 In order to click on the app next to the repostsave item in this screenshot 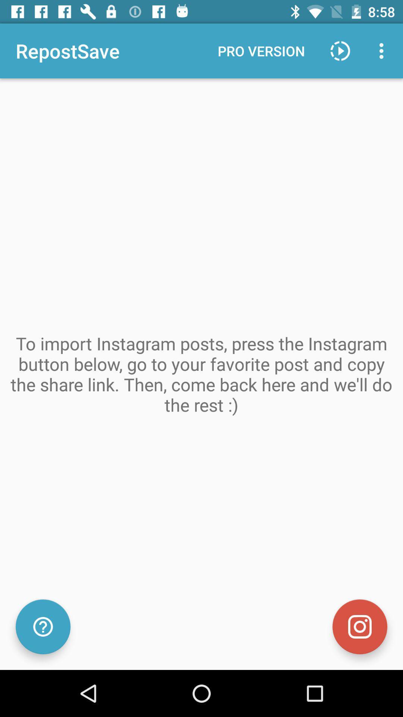, I will do `click(261, 50)`.